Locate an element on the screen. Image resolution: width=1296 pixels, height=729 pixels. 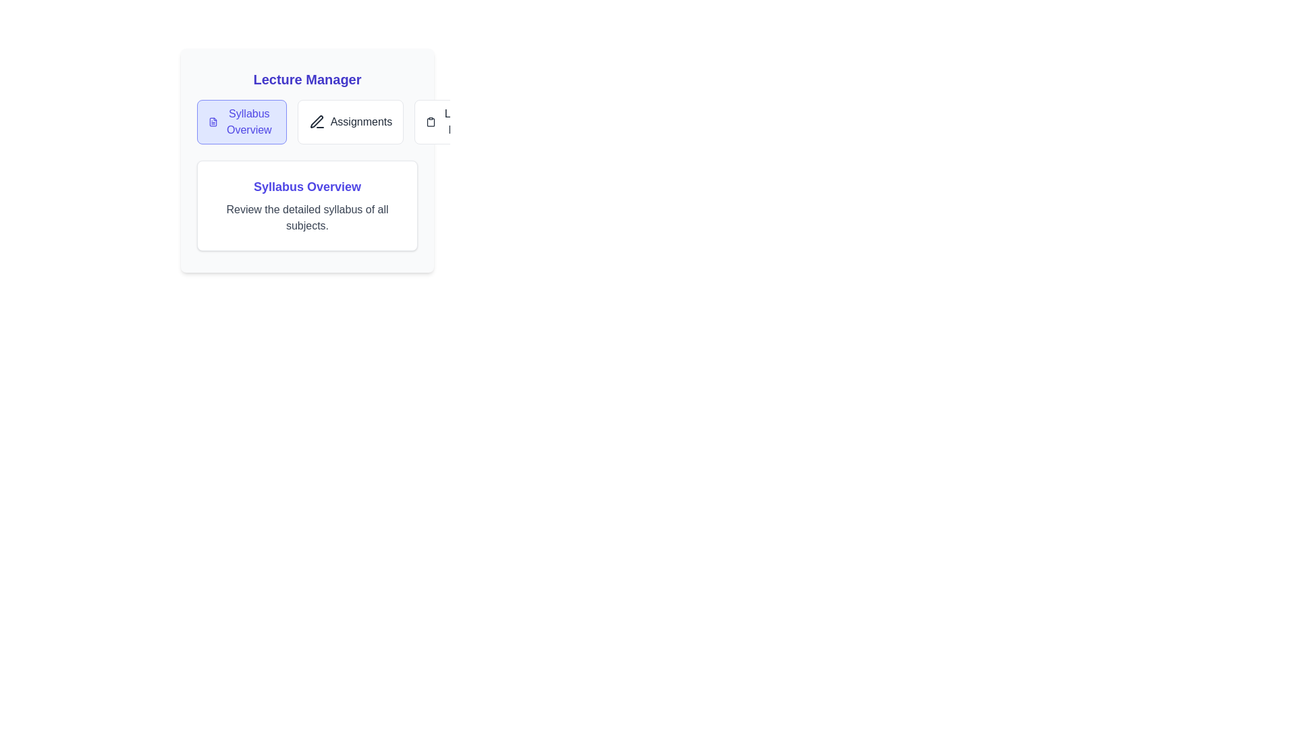
the second button in the 'Lecture Manager' interface that navigates to the assignments section is located at coordinates (350, 122).